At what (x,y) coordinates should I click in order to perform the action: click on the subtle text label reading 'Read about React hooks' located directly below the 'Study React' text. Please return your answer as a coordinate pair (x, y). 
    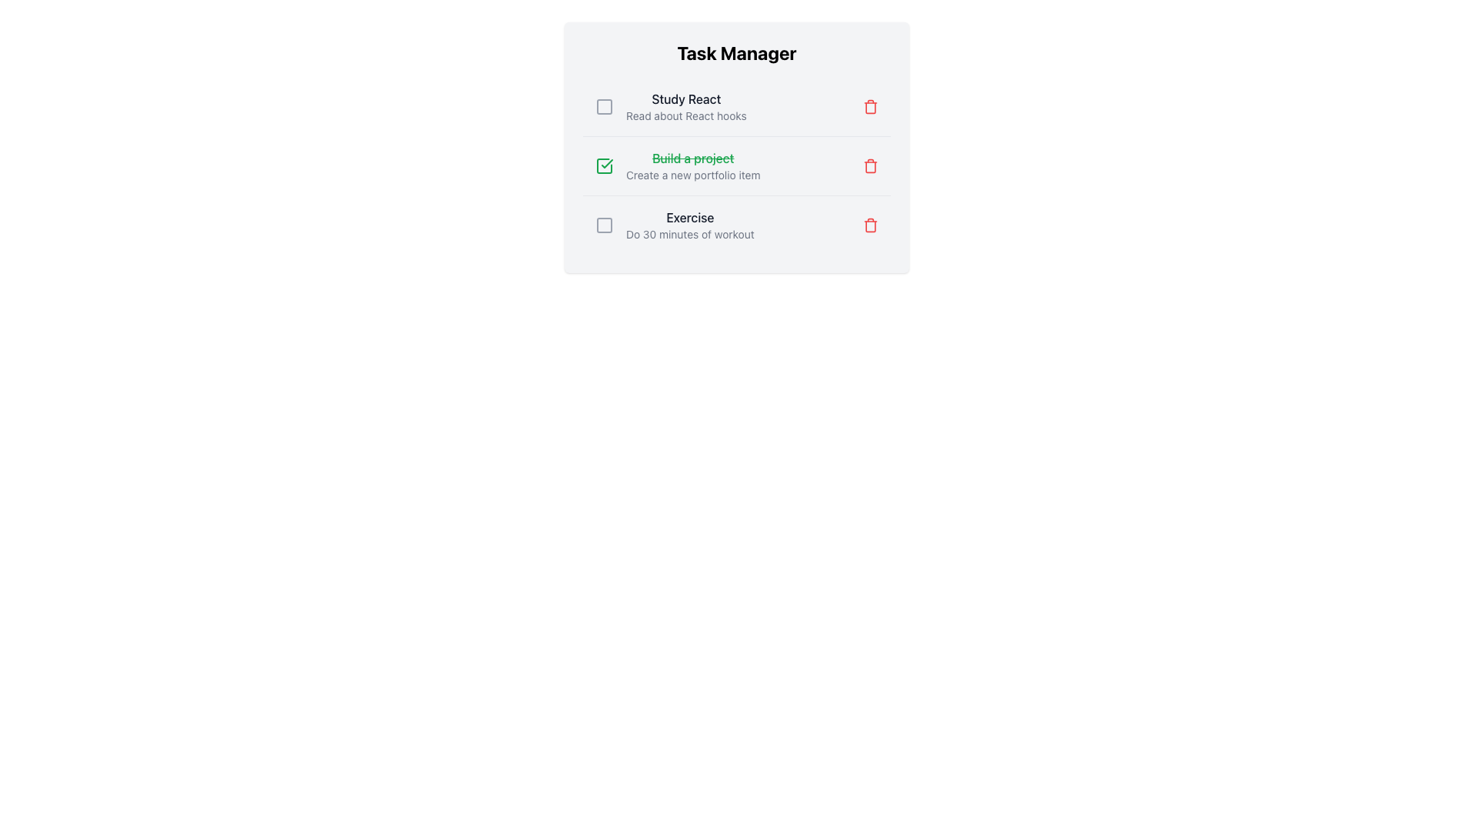
    Looking at the image, I should click on (685, 115).